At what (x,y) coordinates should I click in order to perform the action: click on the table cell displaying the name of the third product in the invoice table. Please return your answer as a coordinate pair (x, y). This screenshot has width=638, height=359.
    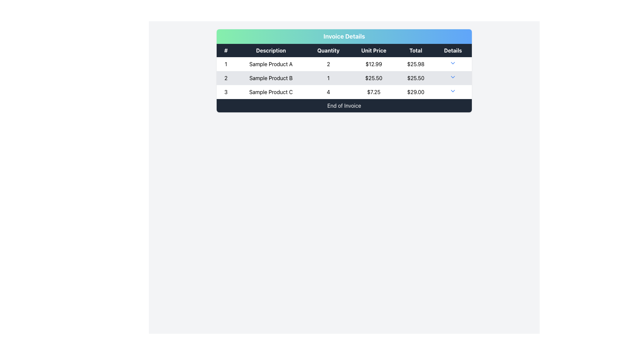
    Looking at the image, I should click on (271, 92).